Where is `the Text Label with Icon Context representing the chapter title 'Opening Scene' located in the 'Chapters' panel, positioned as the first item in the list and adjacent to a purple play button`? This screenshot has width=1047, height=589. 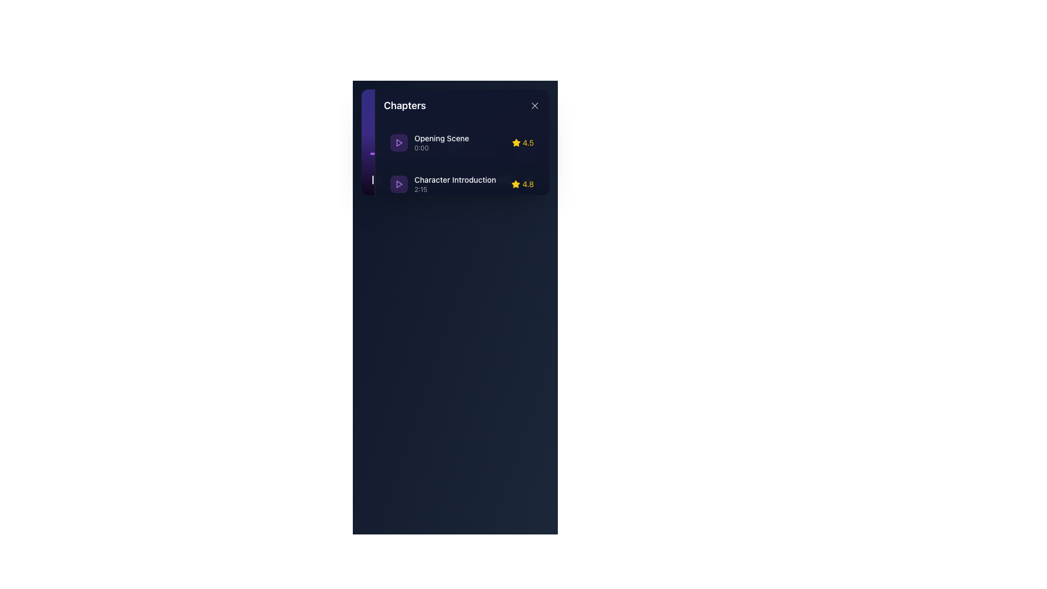 the Text Label with Icon Context representing the chapter title 'Opening Scene' located in the 'Chapters' panel, positioned as the first item in the list and adjacent to a purple play button is located at coordinates (442, 142).